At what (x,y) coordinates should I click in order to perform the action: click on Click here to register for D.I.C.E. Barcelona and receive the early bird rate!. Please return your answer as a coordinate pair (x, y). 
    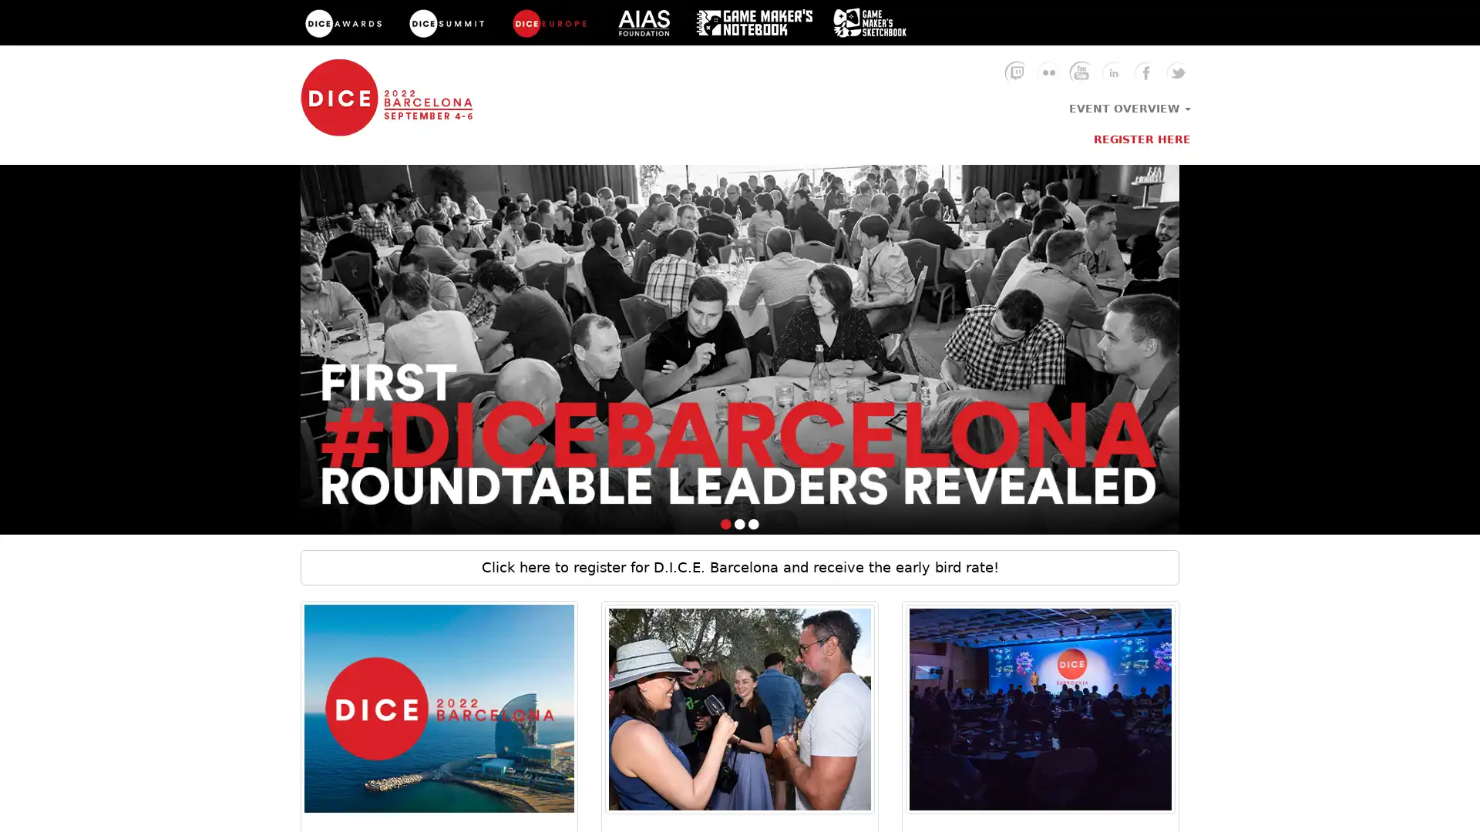
    Looking at the image, I should click on (740, 567).